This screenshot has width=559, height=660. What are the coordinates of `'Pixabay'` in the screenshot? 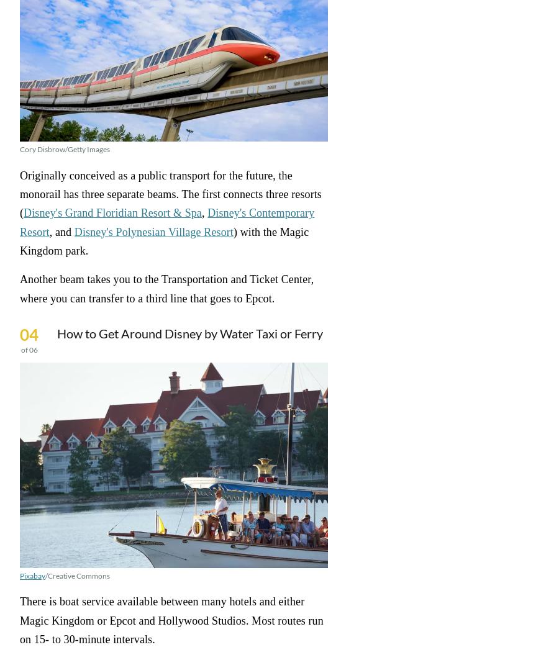 It's located at (19, 575).